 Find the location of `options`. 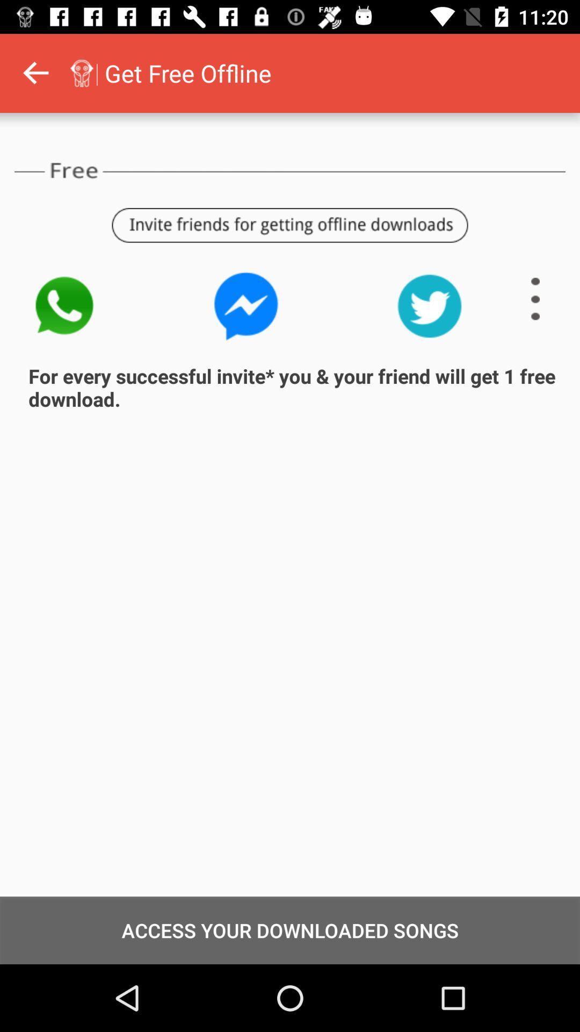

options is located at coordinates (535, 299).